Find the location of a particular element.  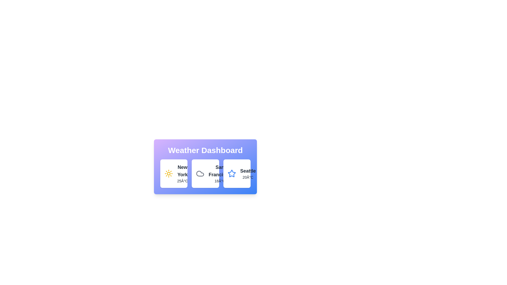

the contents of the Information card displaying 'Seattle' with a blue star icon on the left, located in the bottom-right region of the interface is located at coordinates (237, 174).